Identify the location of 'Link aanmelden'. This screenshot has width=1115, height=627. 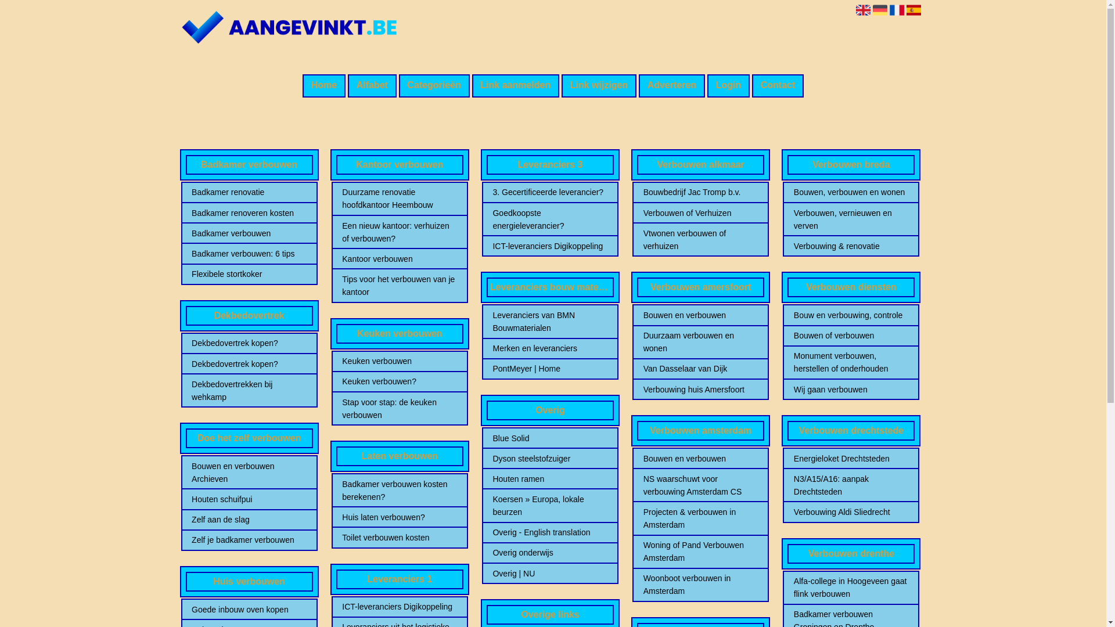
(515, 85).